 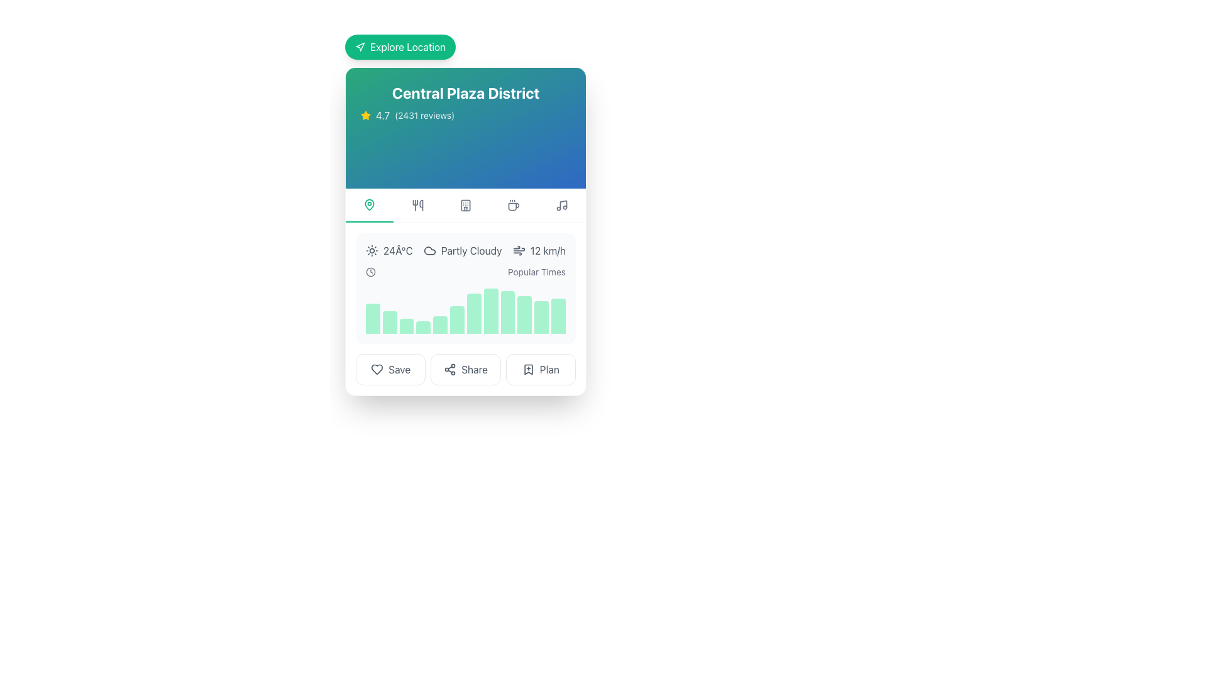 I want to click on '12 km/h' text label, styled in gray within the weather details section, for readability, so click(x=548, y=250).